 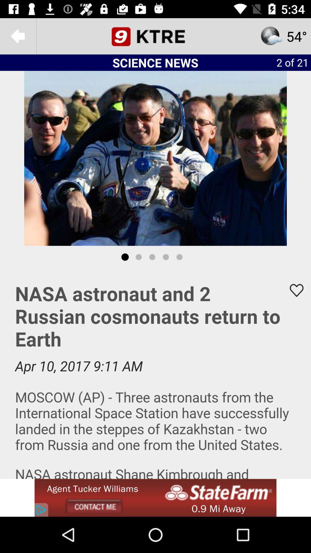 I want to click on advertisement page, so click(x=155, y=374).